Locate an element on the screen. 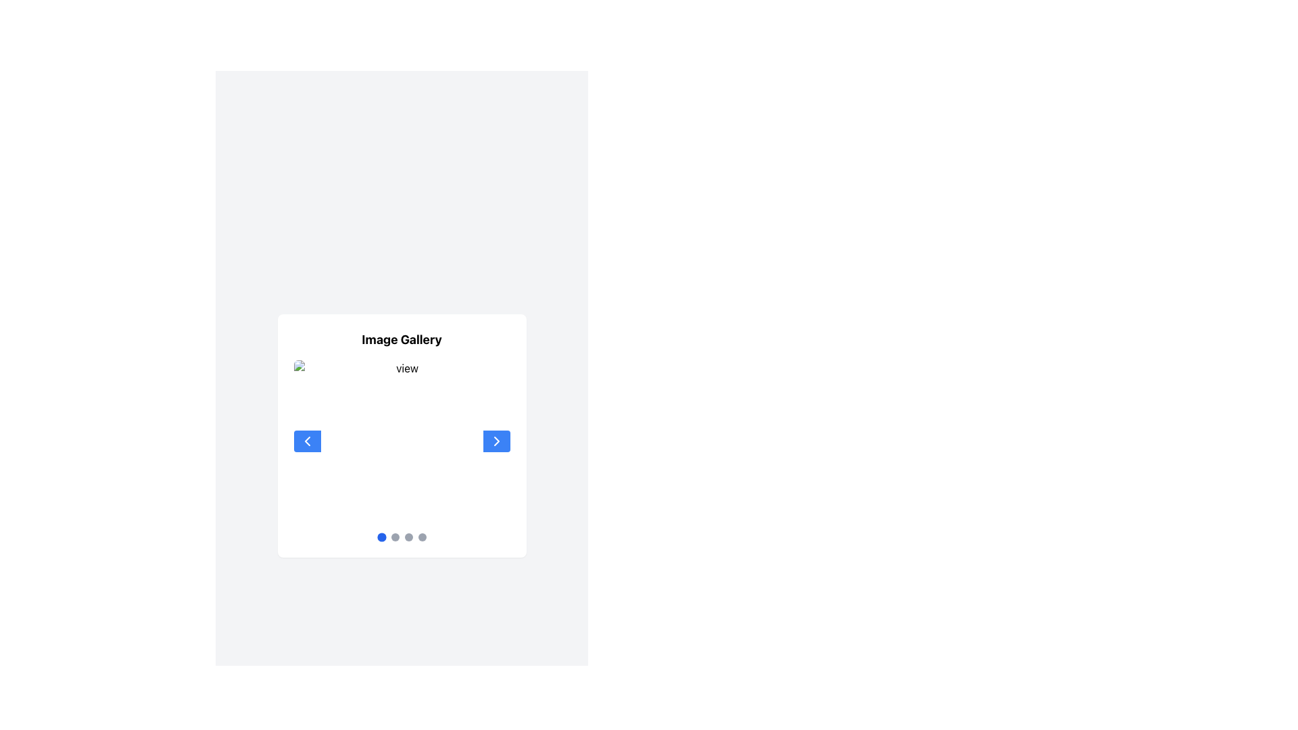 This screenshot has height=730, width=1298. the first blue circular carousel indicator located at the bottom-center of the white card interface to change the active carousel slide is located at coordinates (381, 536).